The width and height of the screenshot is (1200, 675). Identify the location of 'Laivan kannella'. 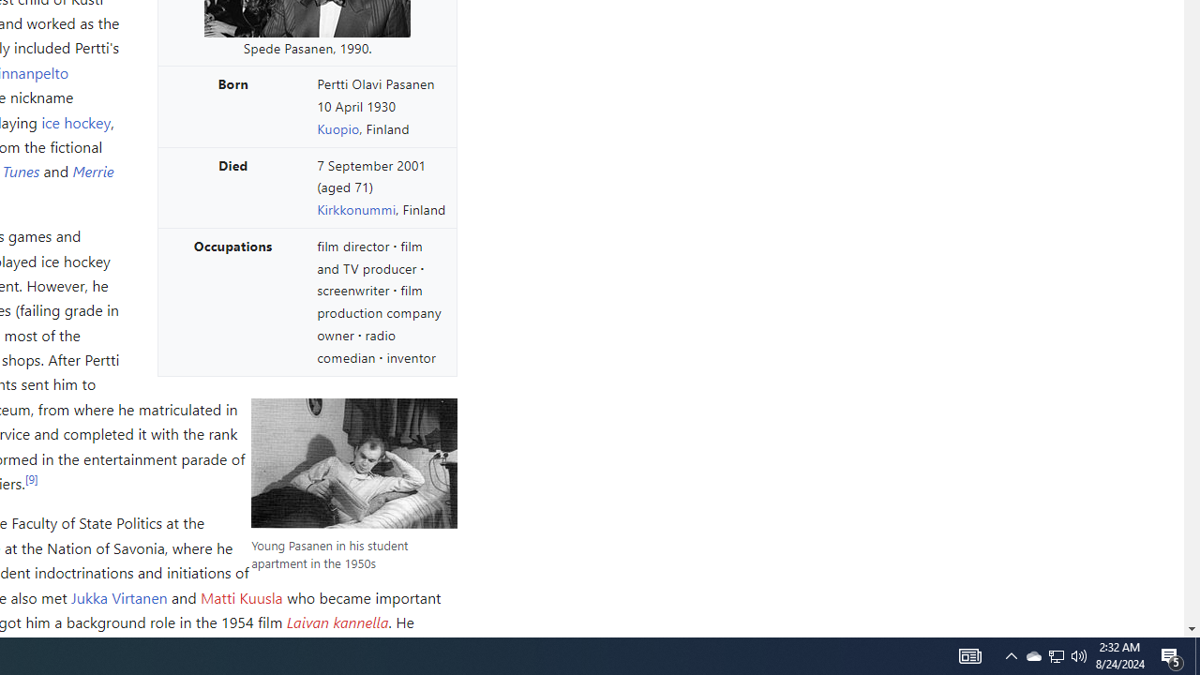
(337, 622).